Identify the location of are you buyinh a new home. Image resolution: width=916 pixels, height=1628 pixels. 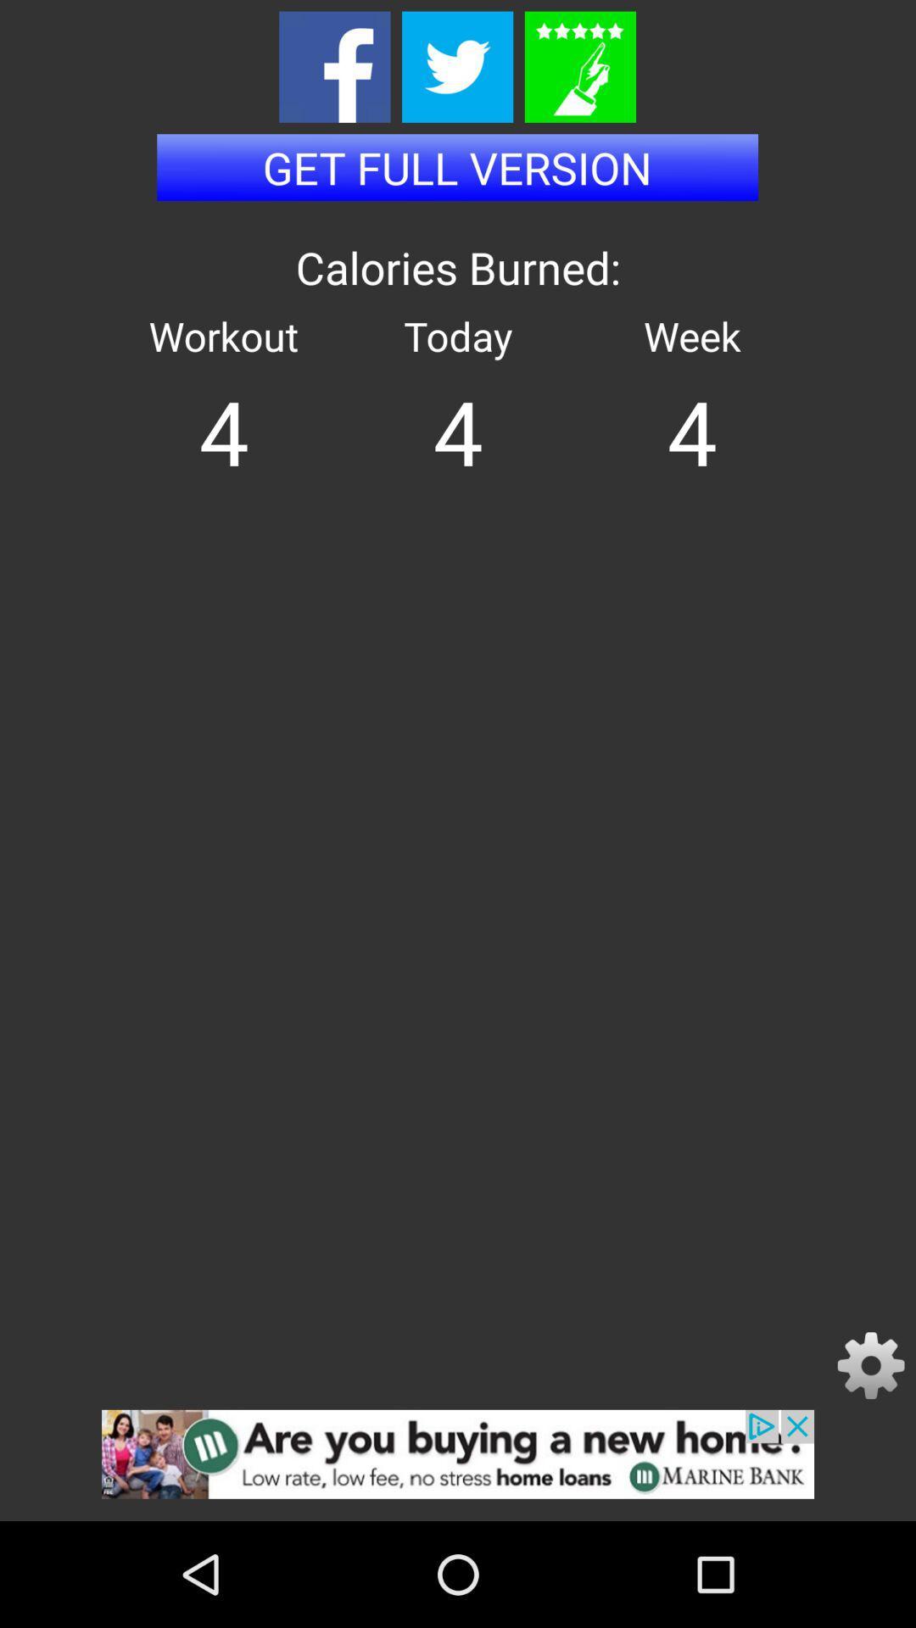
(458, 1464).